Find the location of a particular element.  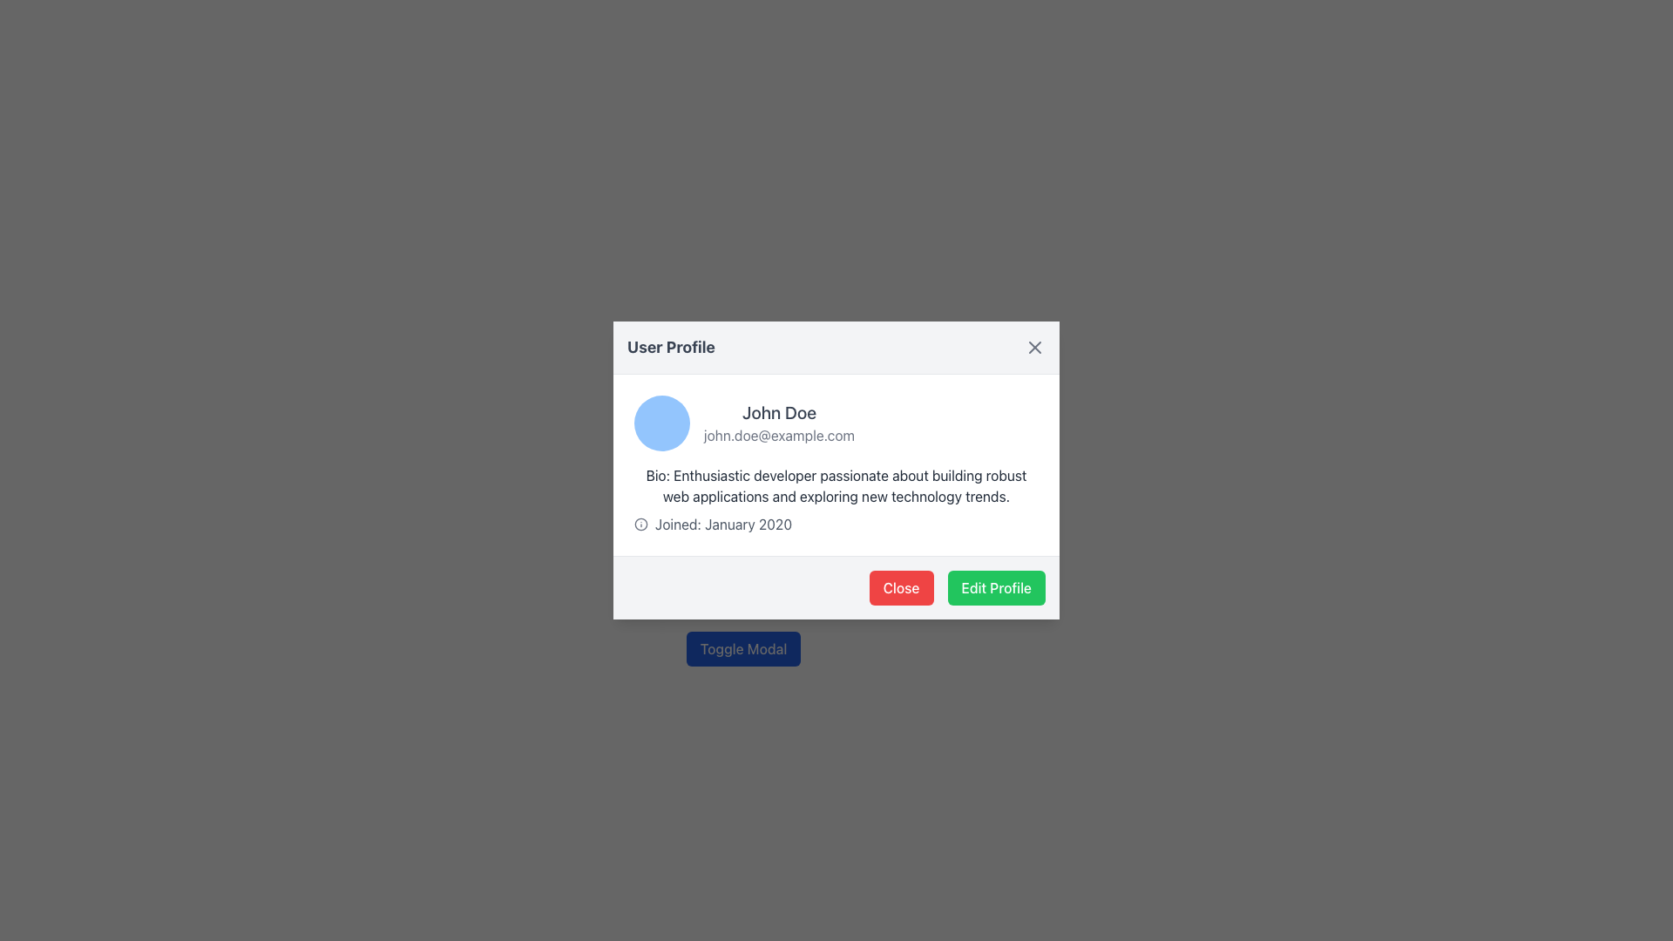

the close vector graphic located in the top-right corner of the user profile dialog box is located at coordinates (1035, 347).